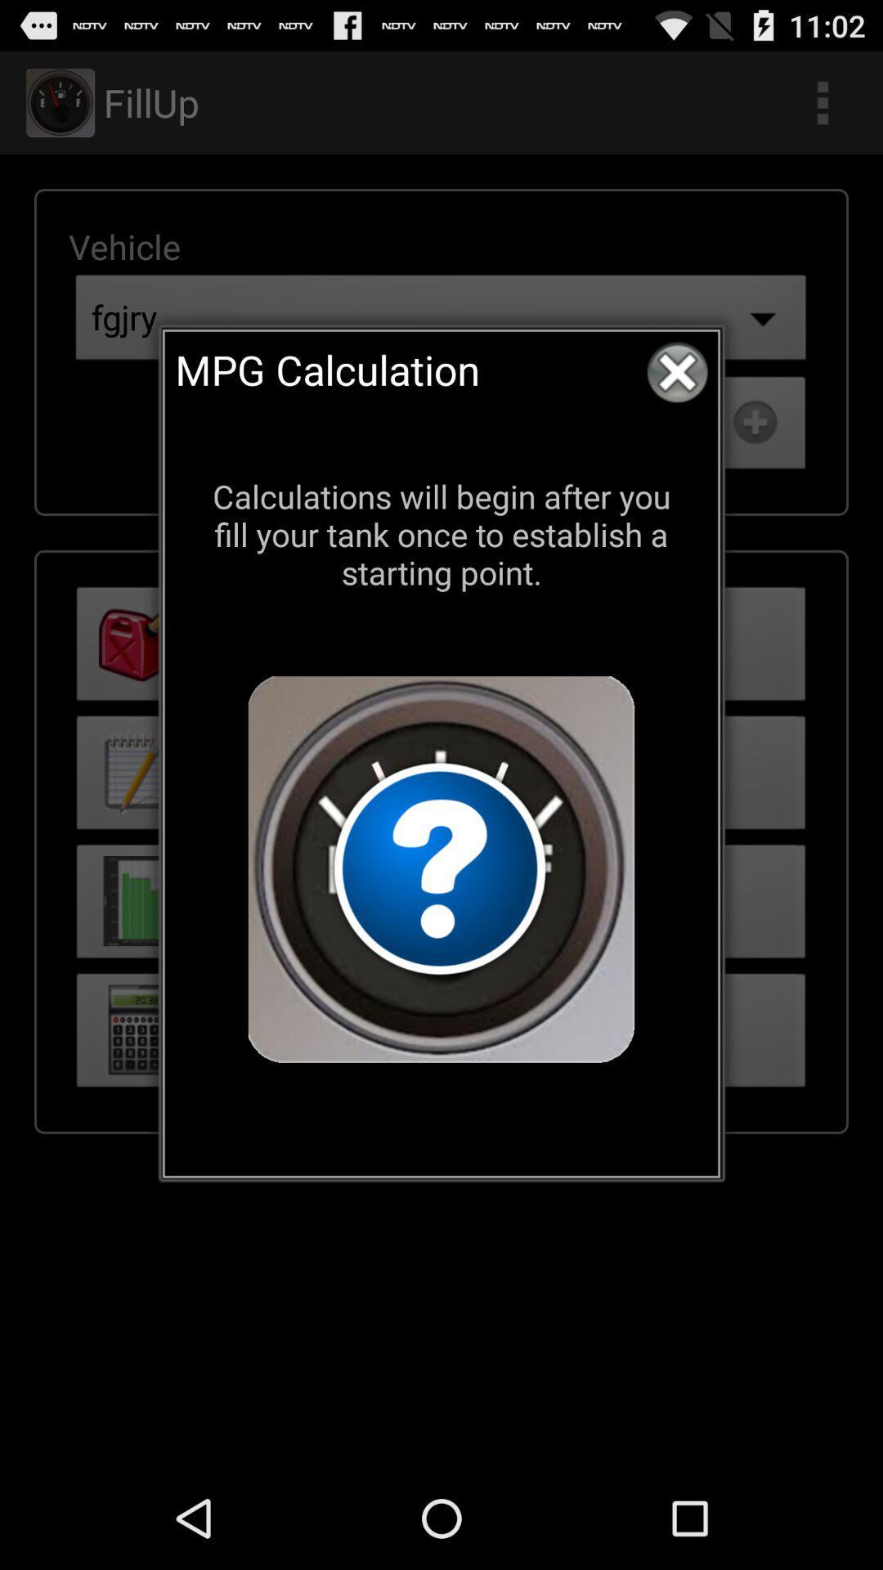 The height and width of the screenshot is (1570, 883). I want to click on the icon at the top right corner, so click(677, 371).